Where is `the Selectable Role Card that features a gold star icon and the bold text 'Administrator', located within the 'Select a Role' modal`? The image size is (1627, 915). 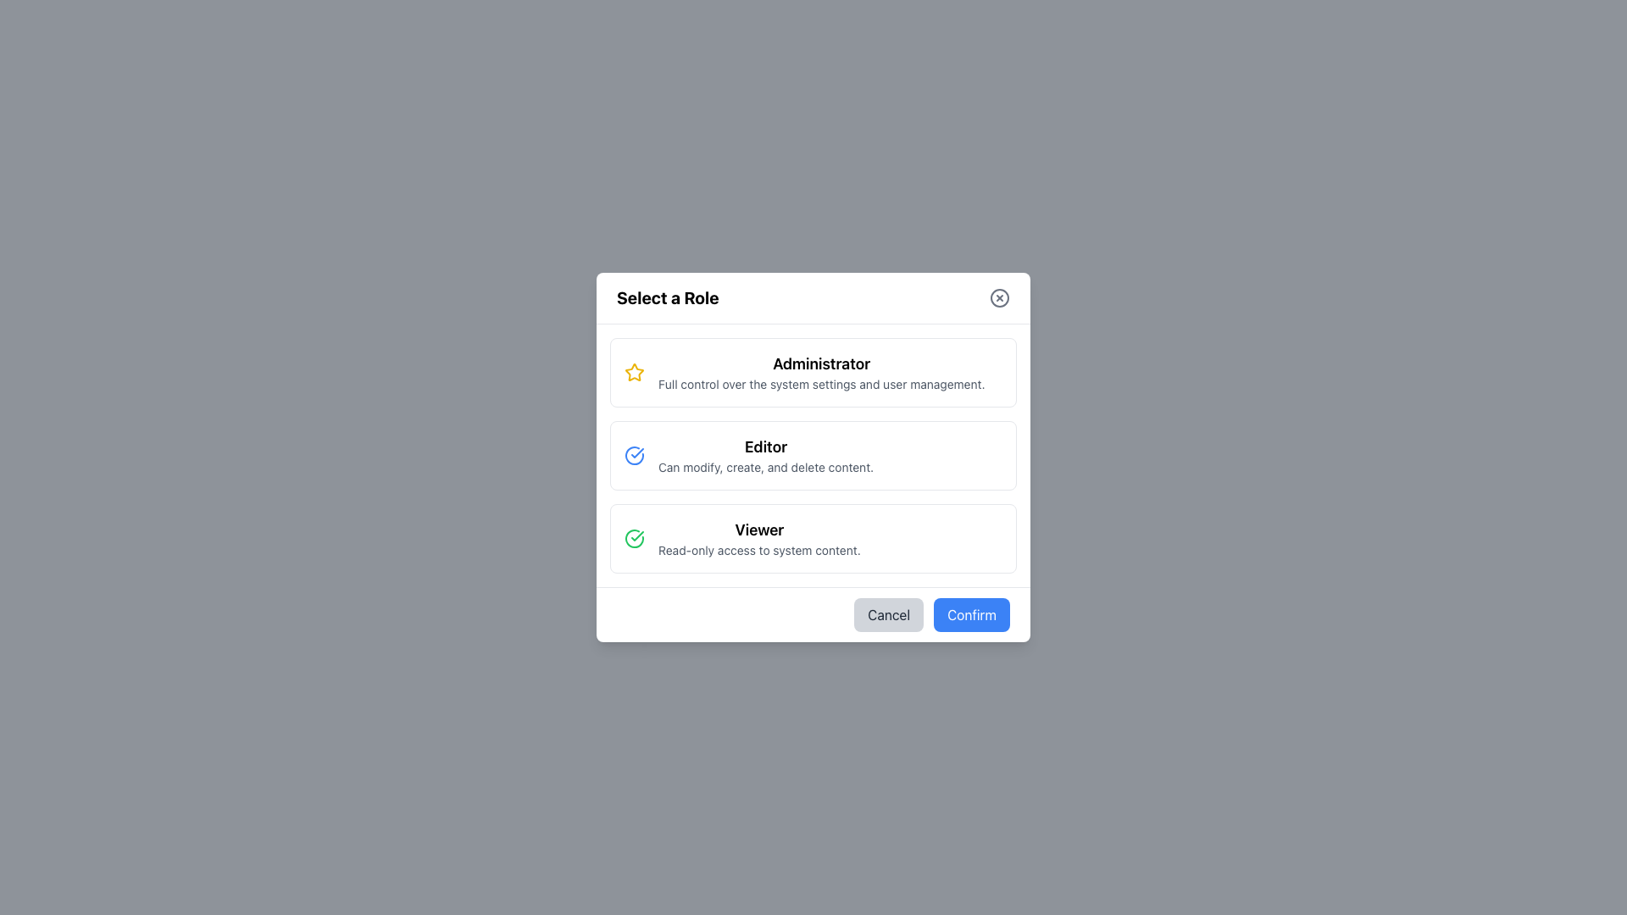
the Selectable Role Card that features a gold star icon and the bold text 'Administrator', located within the 'Select a Role' modal is located at coordinates (813, 371).